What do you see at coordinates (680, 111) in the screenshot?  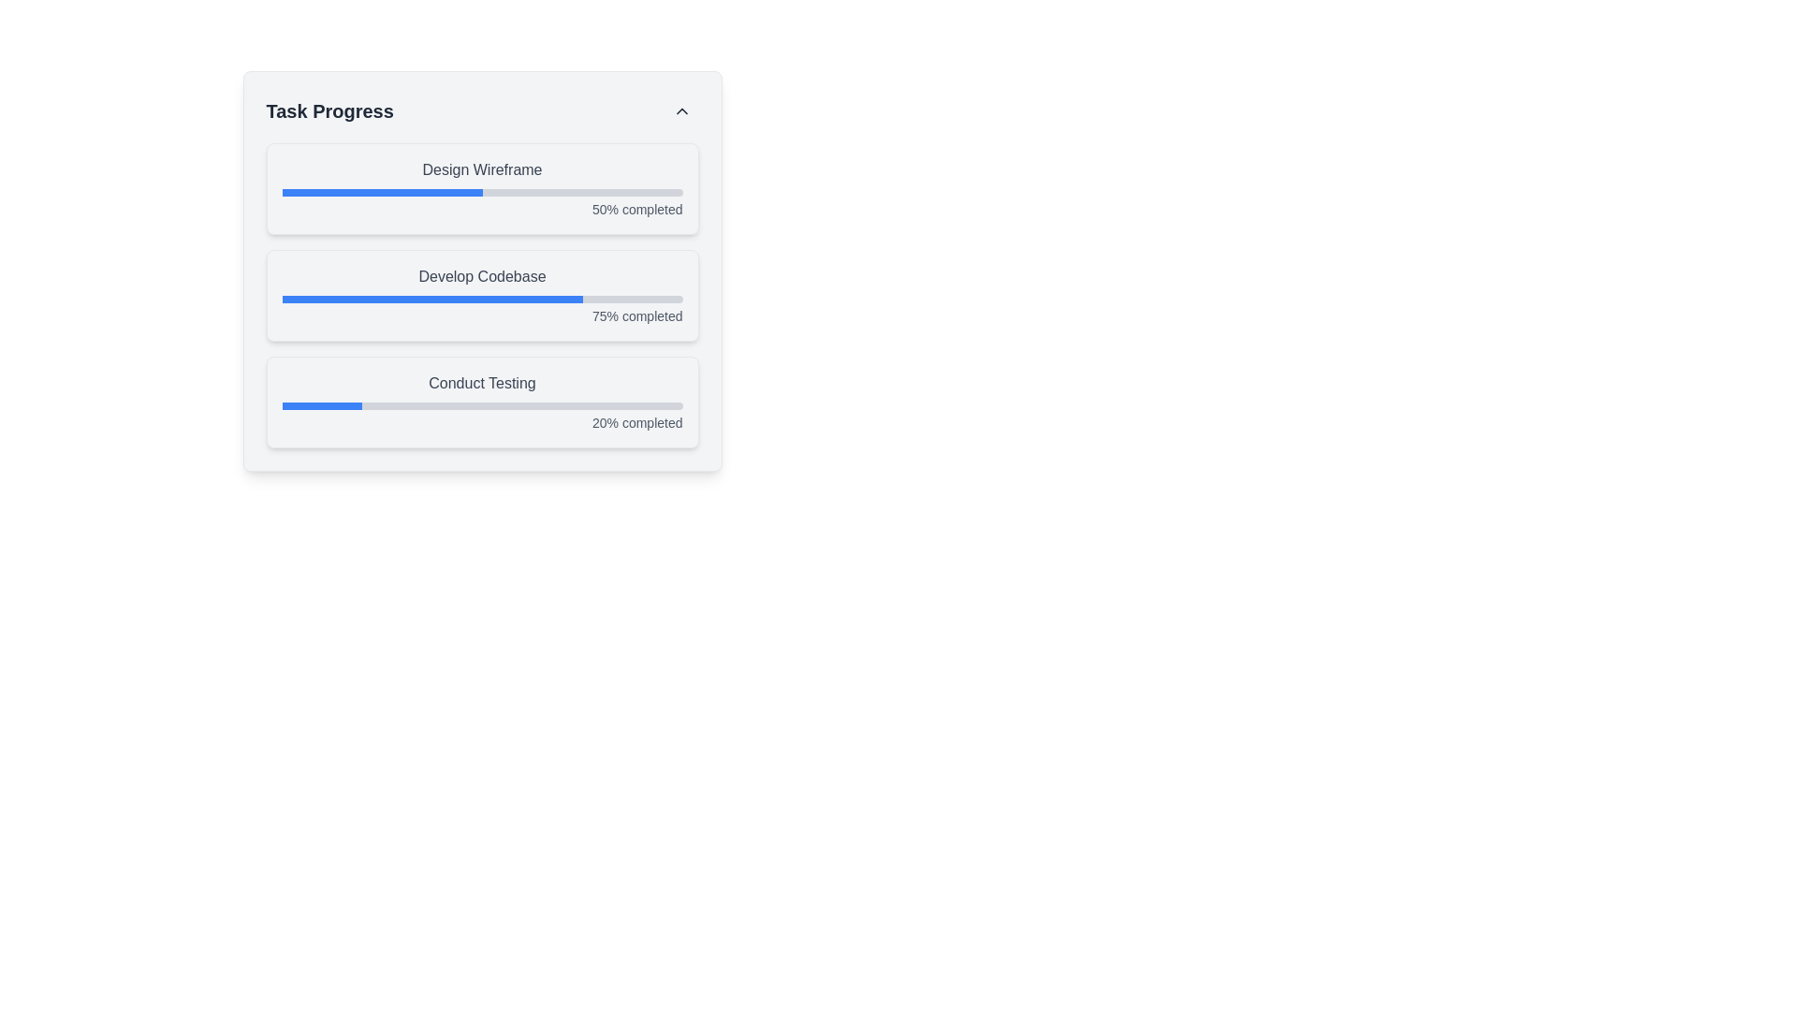 I see `the collapse or toggle button located near the upper-right corner of the 'Task Progress' section` at bounding box center [680, 111].